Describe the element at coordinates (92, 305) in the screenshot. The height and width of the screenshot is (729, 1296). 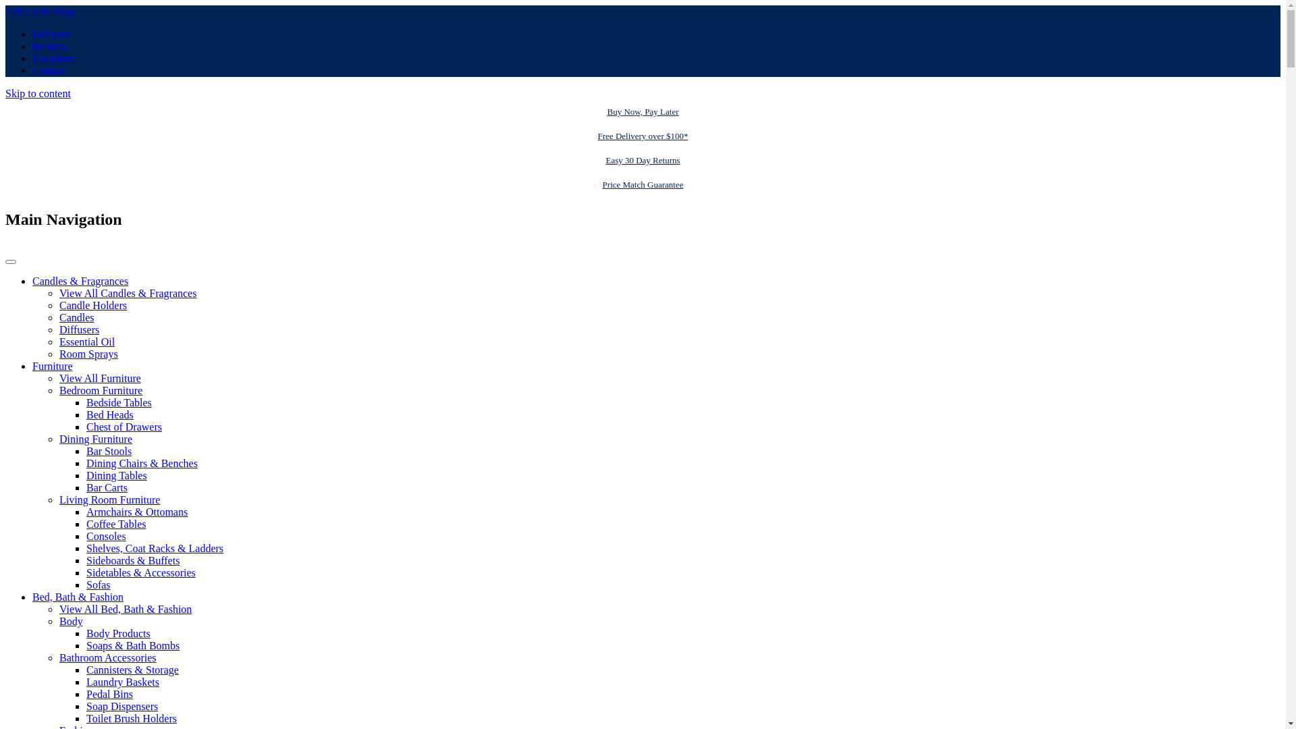
I see `'Candle Holders'` at that location.